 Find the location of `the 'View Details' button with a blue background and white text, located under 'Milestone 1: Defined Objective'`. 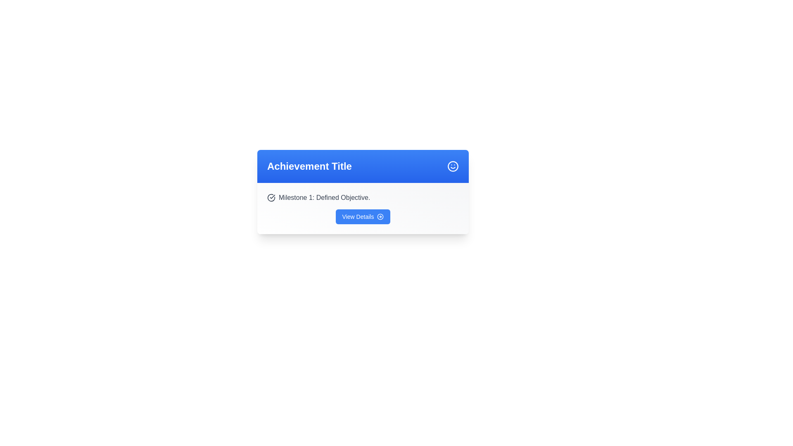

the 'View Details' button with a blue background and white text, located under 'Milestone 1: Defined Objective' is located at coordinates (363, 216).